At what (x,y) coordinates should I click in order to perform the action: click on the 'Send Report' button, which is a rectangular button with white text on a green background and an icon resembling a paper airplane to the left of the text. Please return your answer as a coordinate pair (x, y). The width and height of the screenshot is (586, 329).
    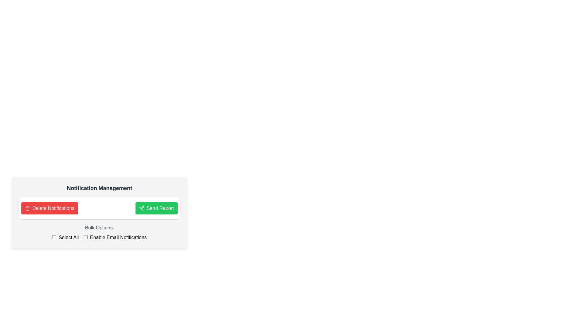
    Looking at the image, I should click on (157, 208).